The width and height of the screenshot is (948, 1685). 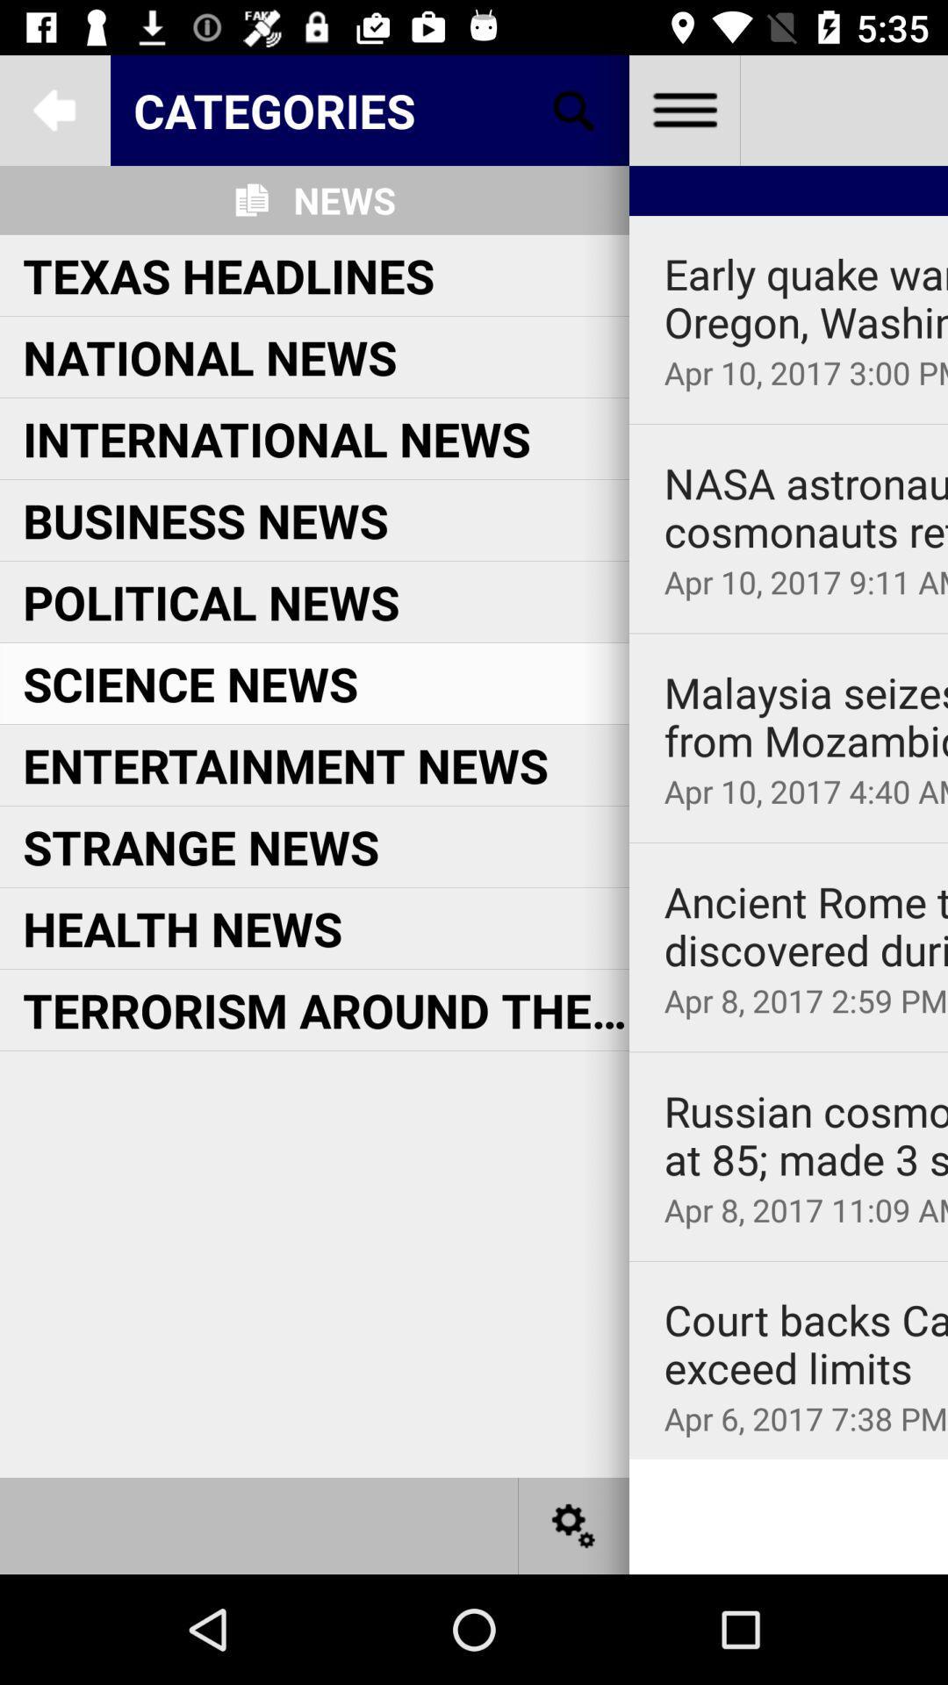 What do you see at coordinates (210, 601) in the screenshot?
I see `the item above science news icon` at bounding box center [210, 601].